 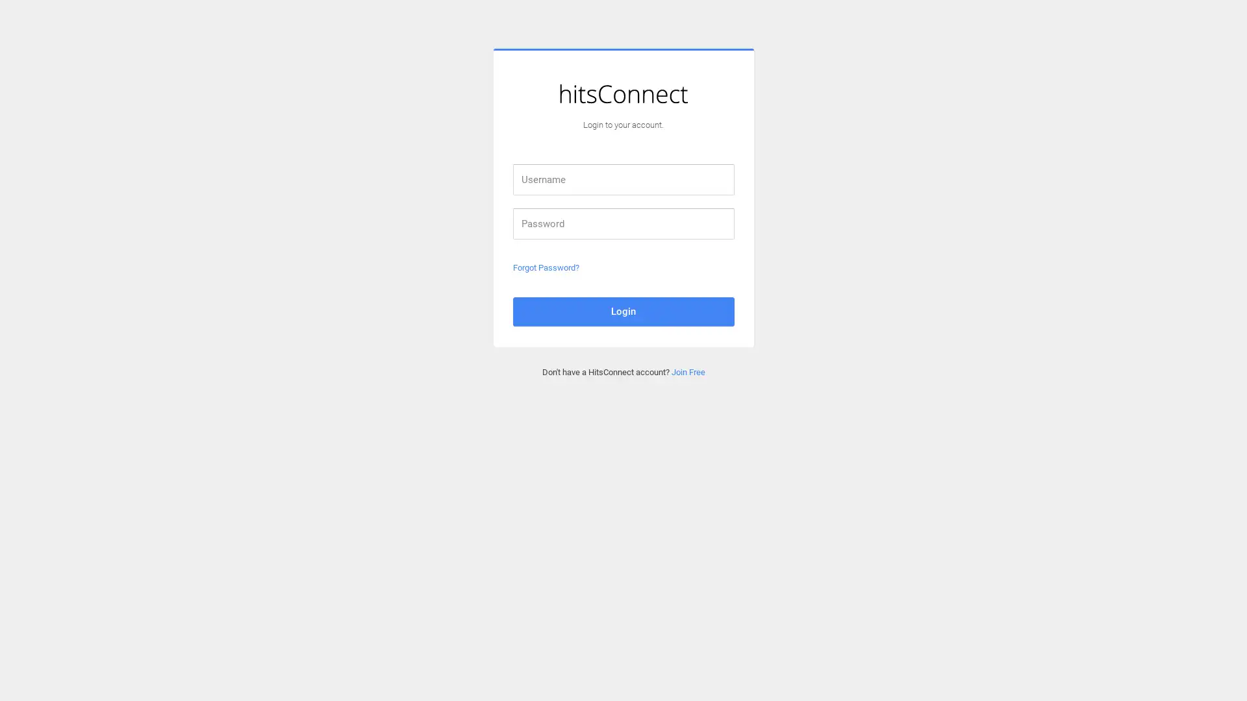 I want to click on Login, so click(x=622, y=311).